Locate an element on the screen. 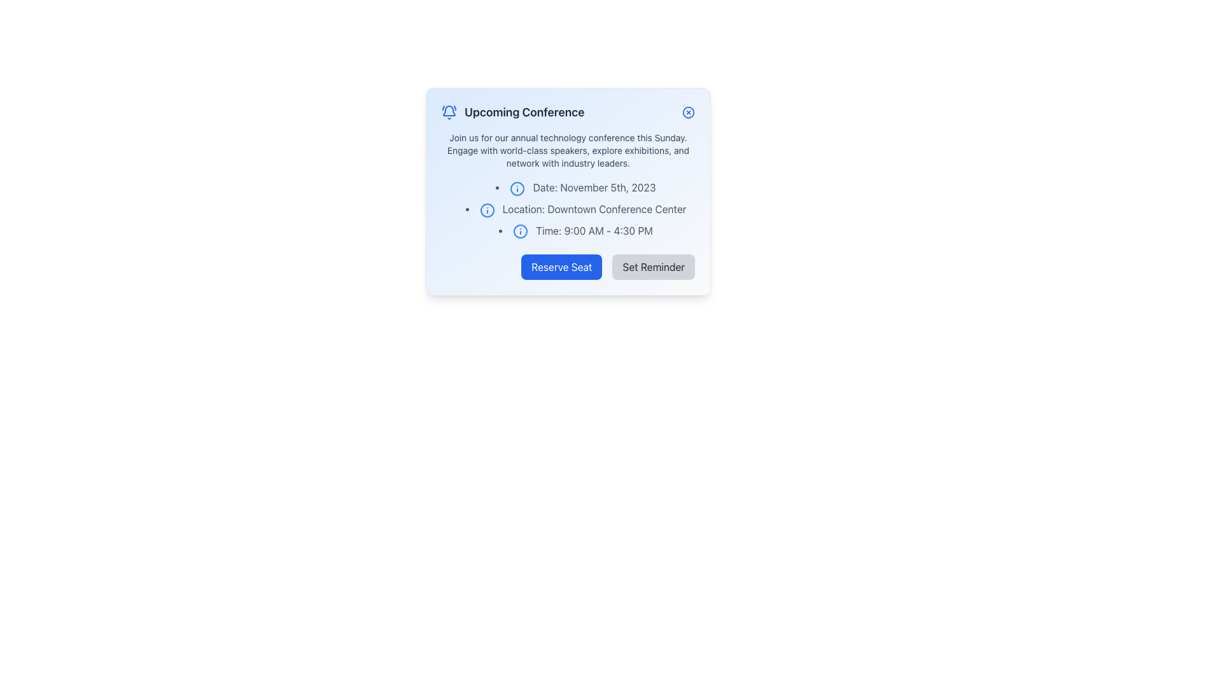  the text label 'Upcoming Conference', which is a bold, larger text block aligned to the left and positioned to the right of a blue bell icon is located at coordinates (524, 112).